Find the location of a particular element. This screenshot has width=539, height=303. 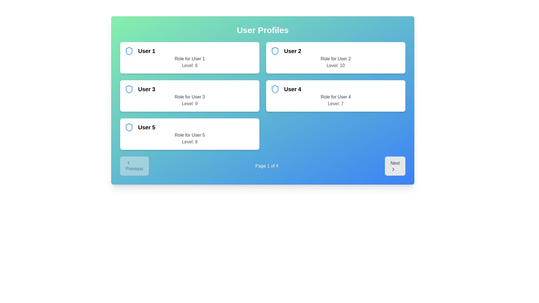

the static card component displaying information about 'User 3', which includes their role and level, located in the first column and second row of the grid layout is located at coordinates (190, 96).